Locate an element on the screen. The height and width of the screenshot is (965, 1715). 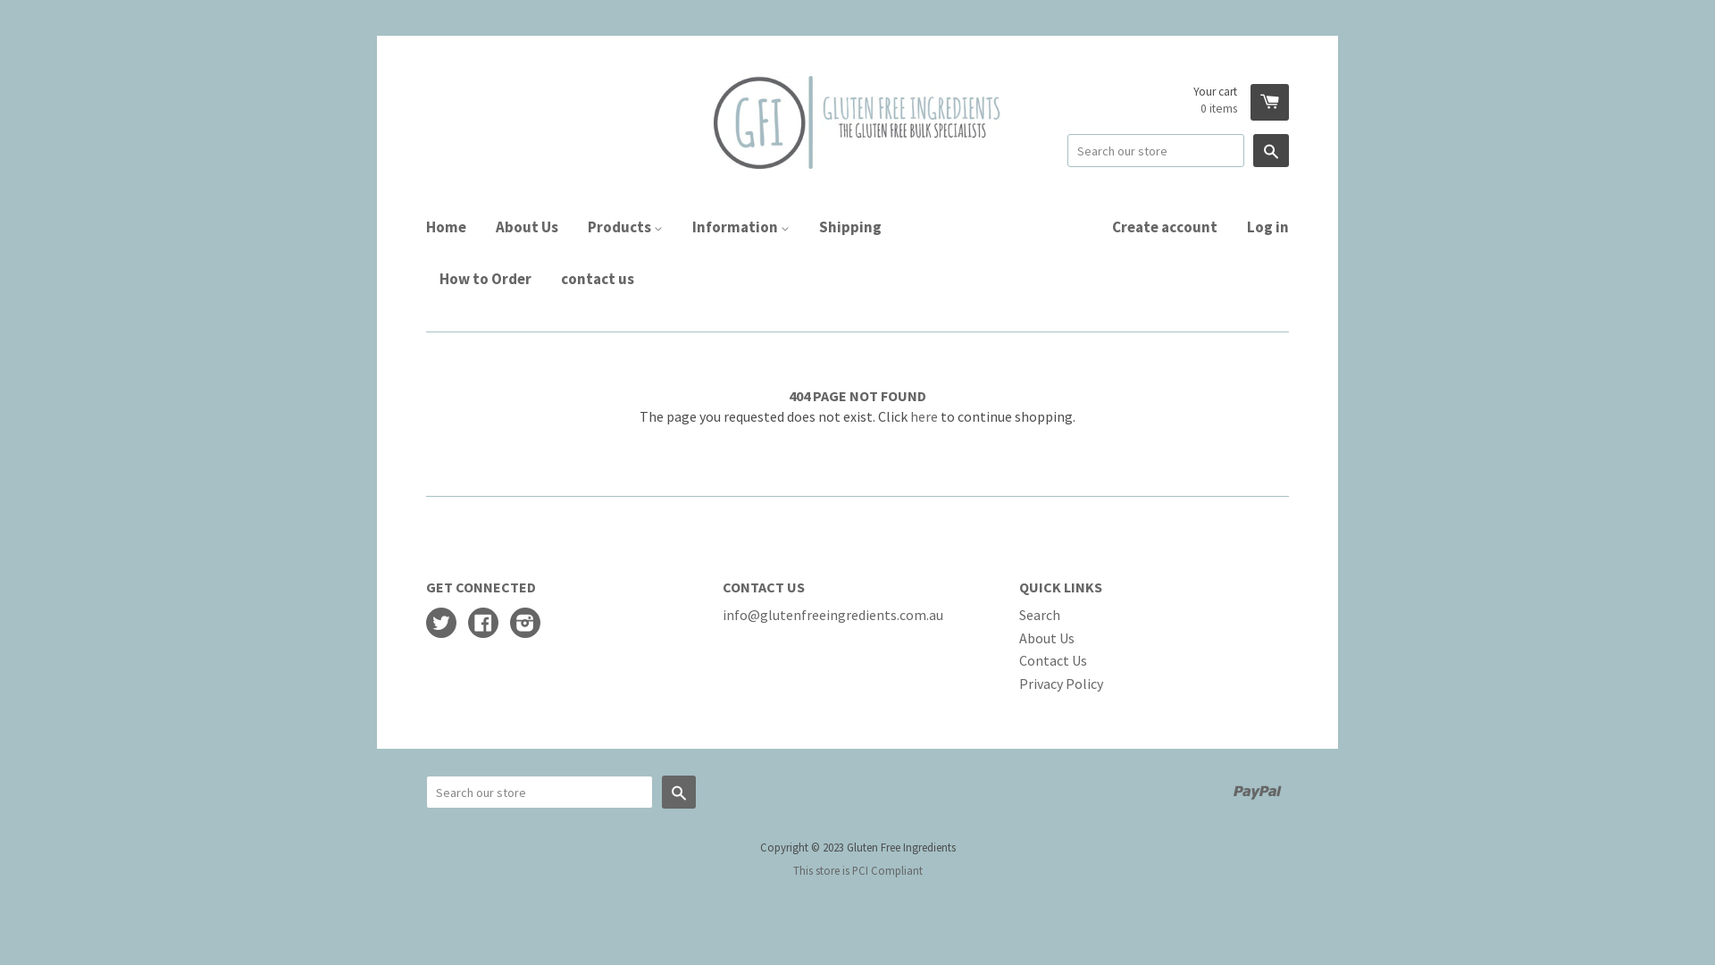
'Log in' is located at coordinates (1259, 226).